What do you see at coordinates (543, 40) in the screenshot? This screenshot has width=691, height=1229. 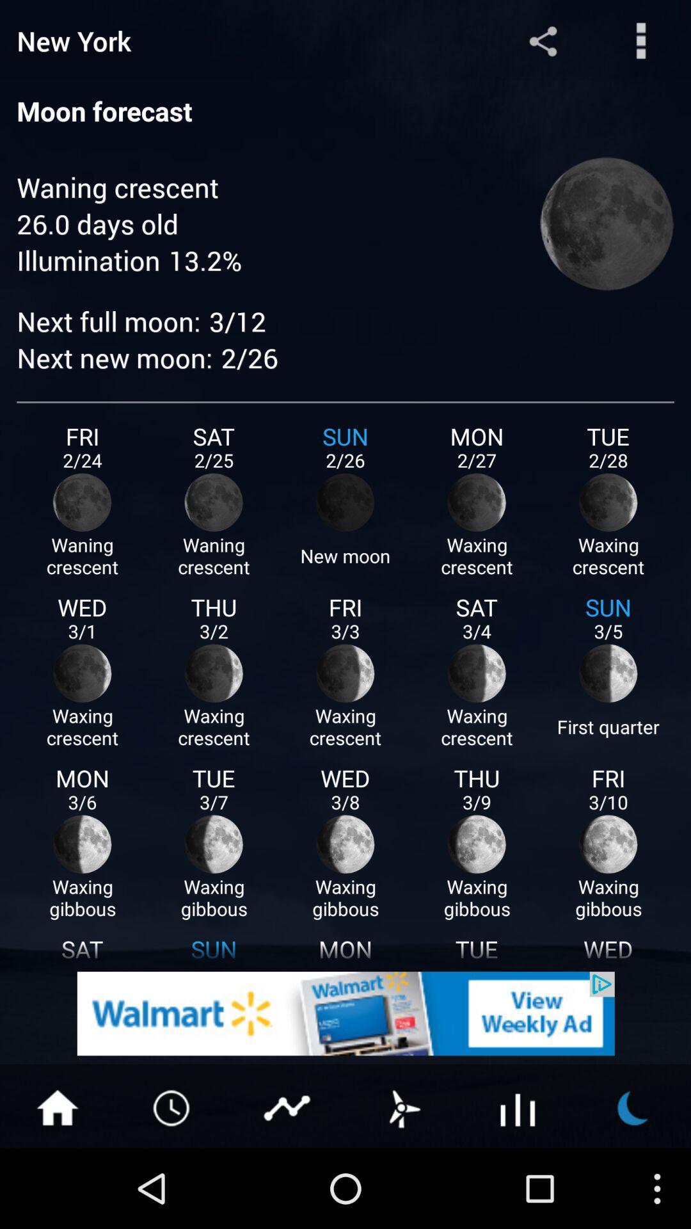 I see `share the details in this page to social media like facebook twitter instagram` at bounding box center [543, 40].